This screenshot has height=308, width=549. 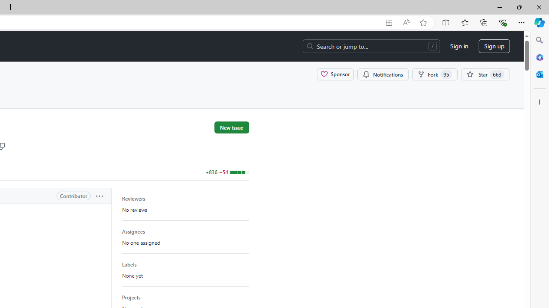 What do you see at coordinates (232, 127) in the screenshot?
I see `'New issue'` at bounding box center [232, 127].